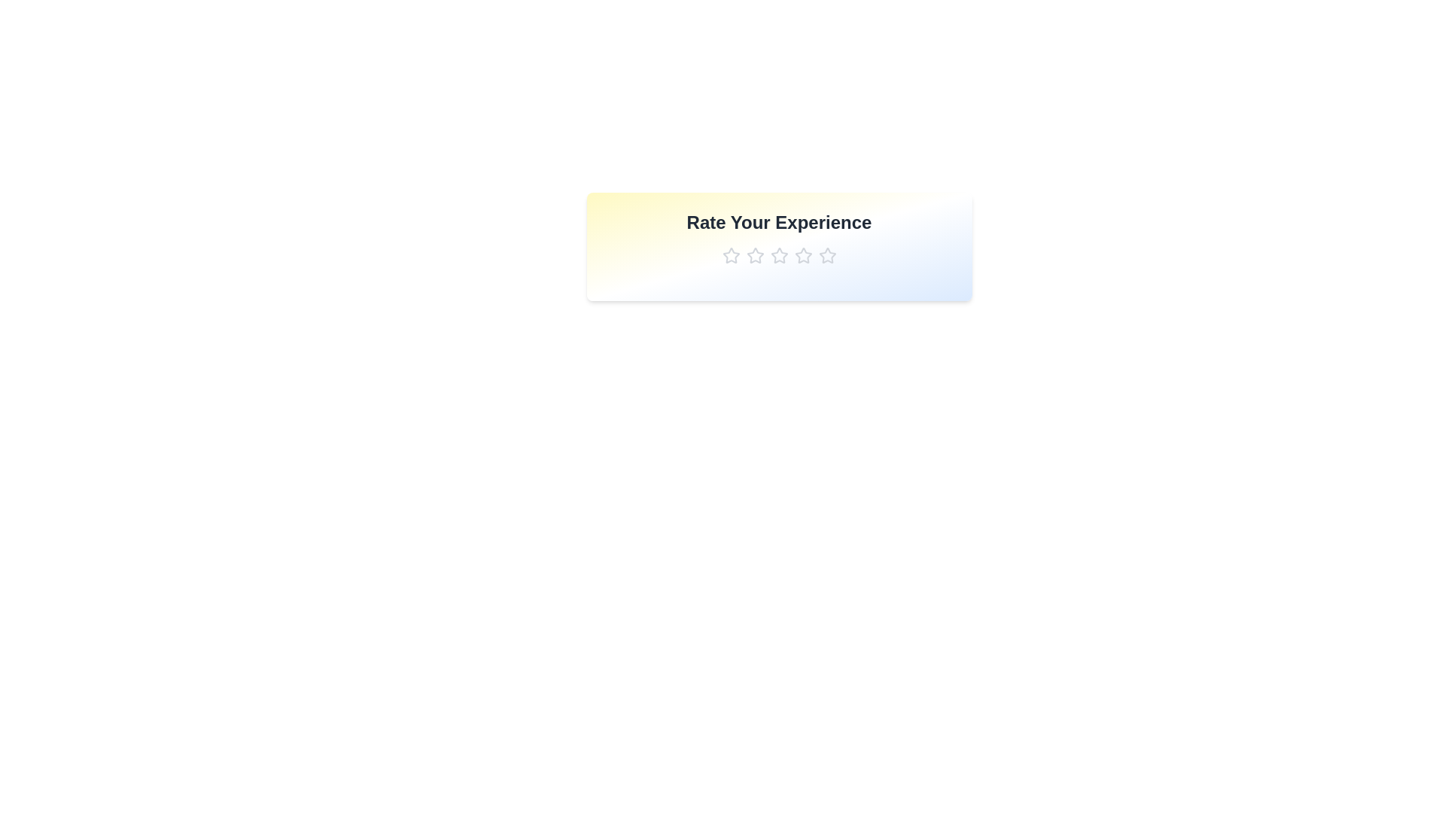  I want to click on the star corresponding to 3 to observe the hover effect, so click(779, 254).